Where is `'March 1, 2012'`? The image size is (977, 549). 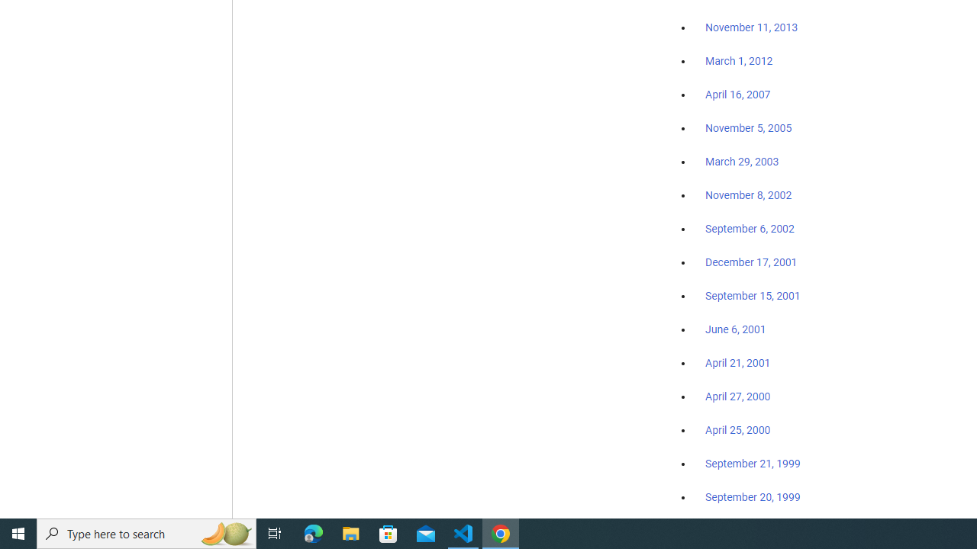 'March 1, 2012' is located at coordinates (739, 61).